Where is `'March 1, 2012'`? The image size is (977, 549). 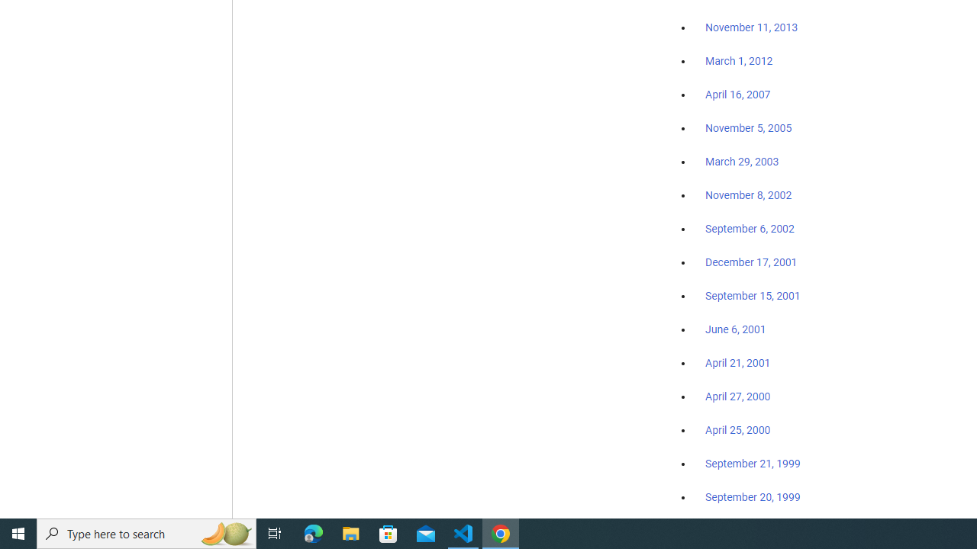 'March 1, 2012' is located at coordinates (739, 61).